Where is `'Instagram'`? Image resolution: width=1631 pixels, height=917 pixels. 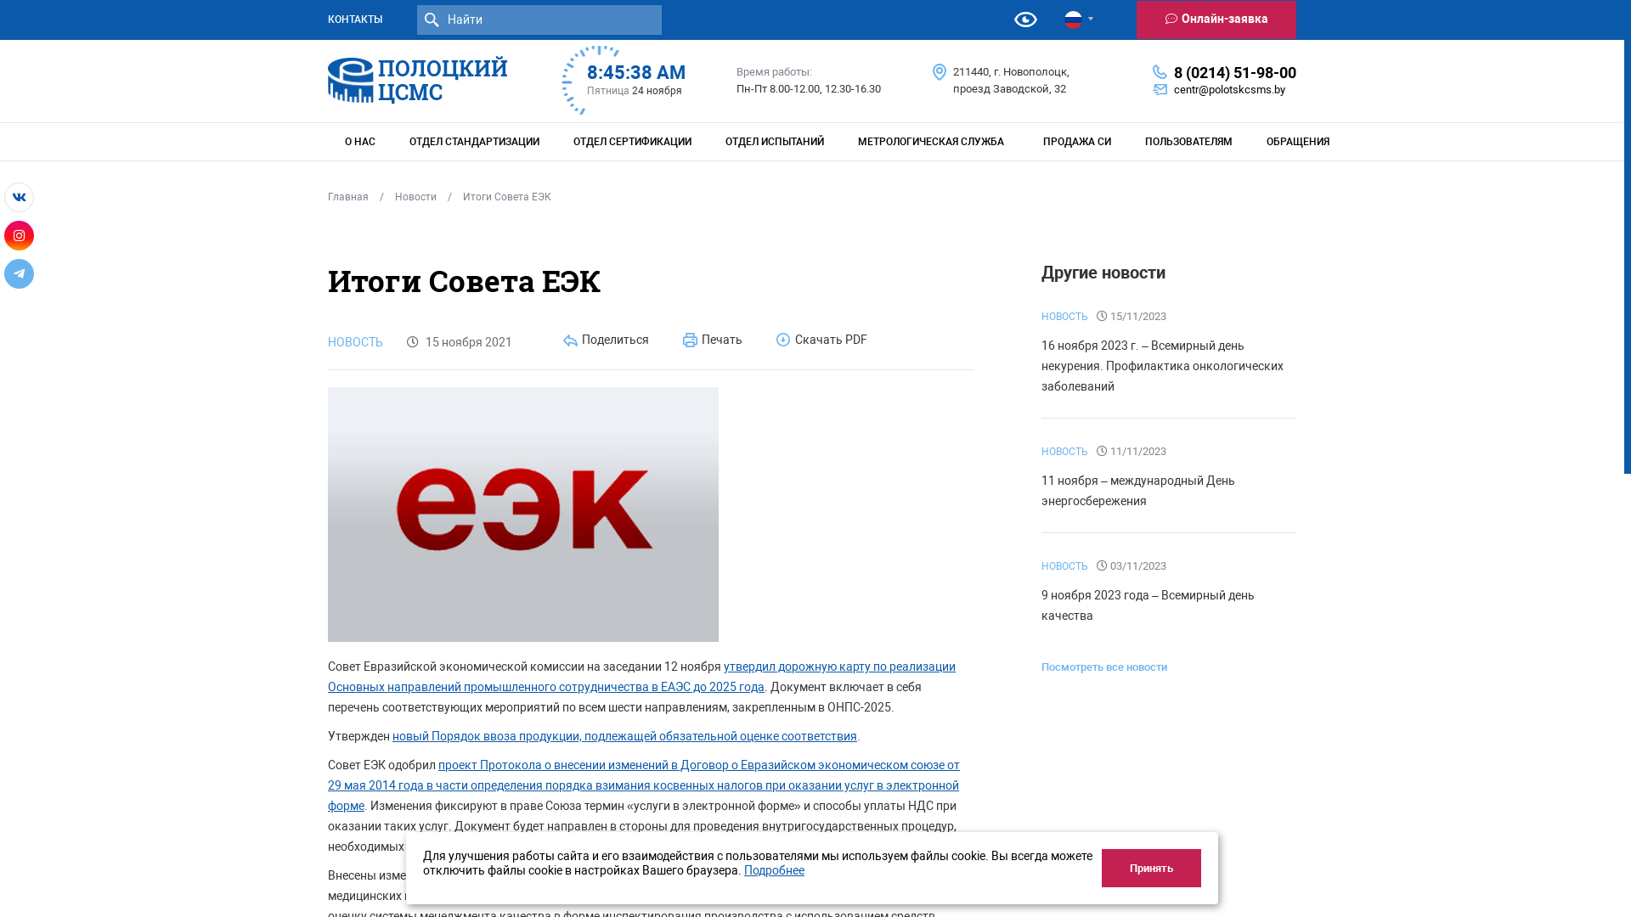 'Instagram' is located at coordinates (19, 235).